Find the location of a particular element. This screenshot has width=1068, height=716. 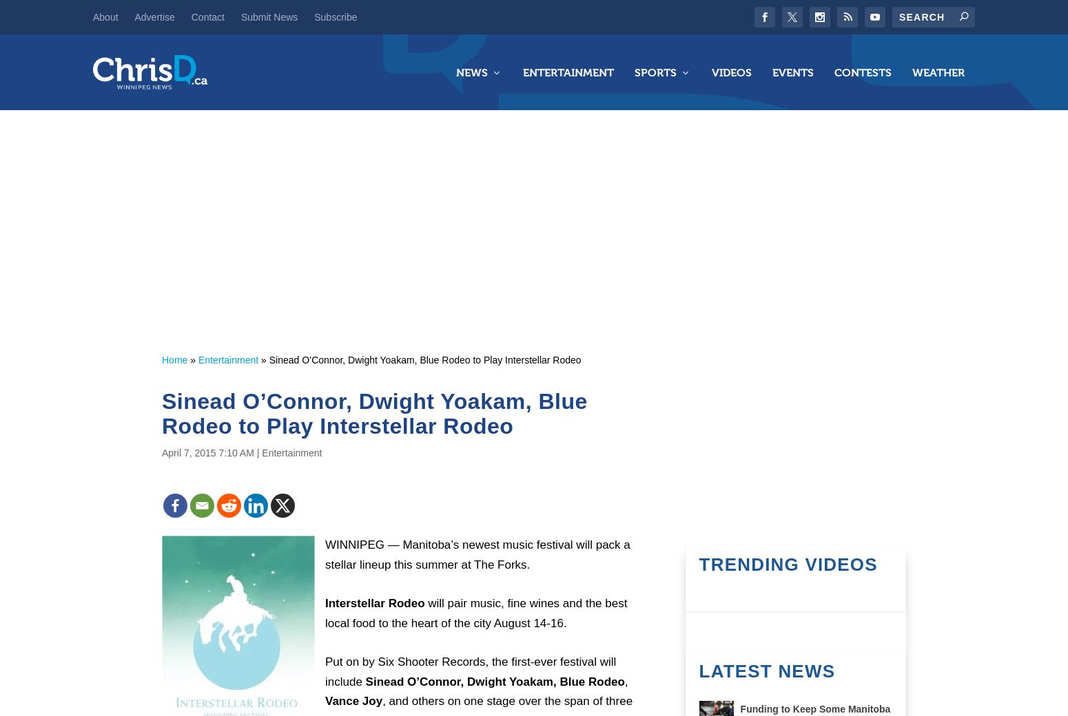

'Vance Joy' is located at coordinates (353, 700).